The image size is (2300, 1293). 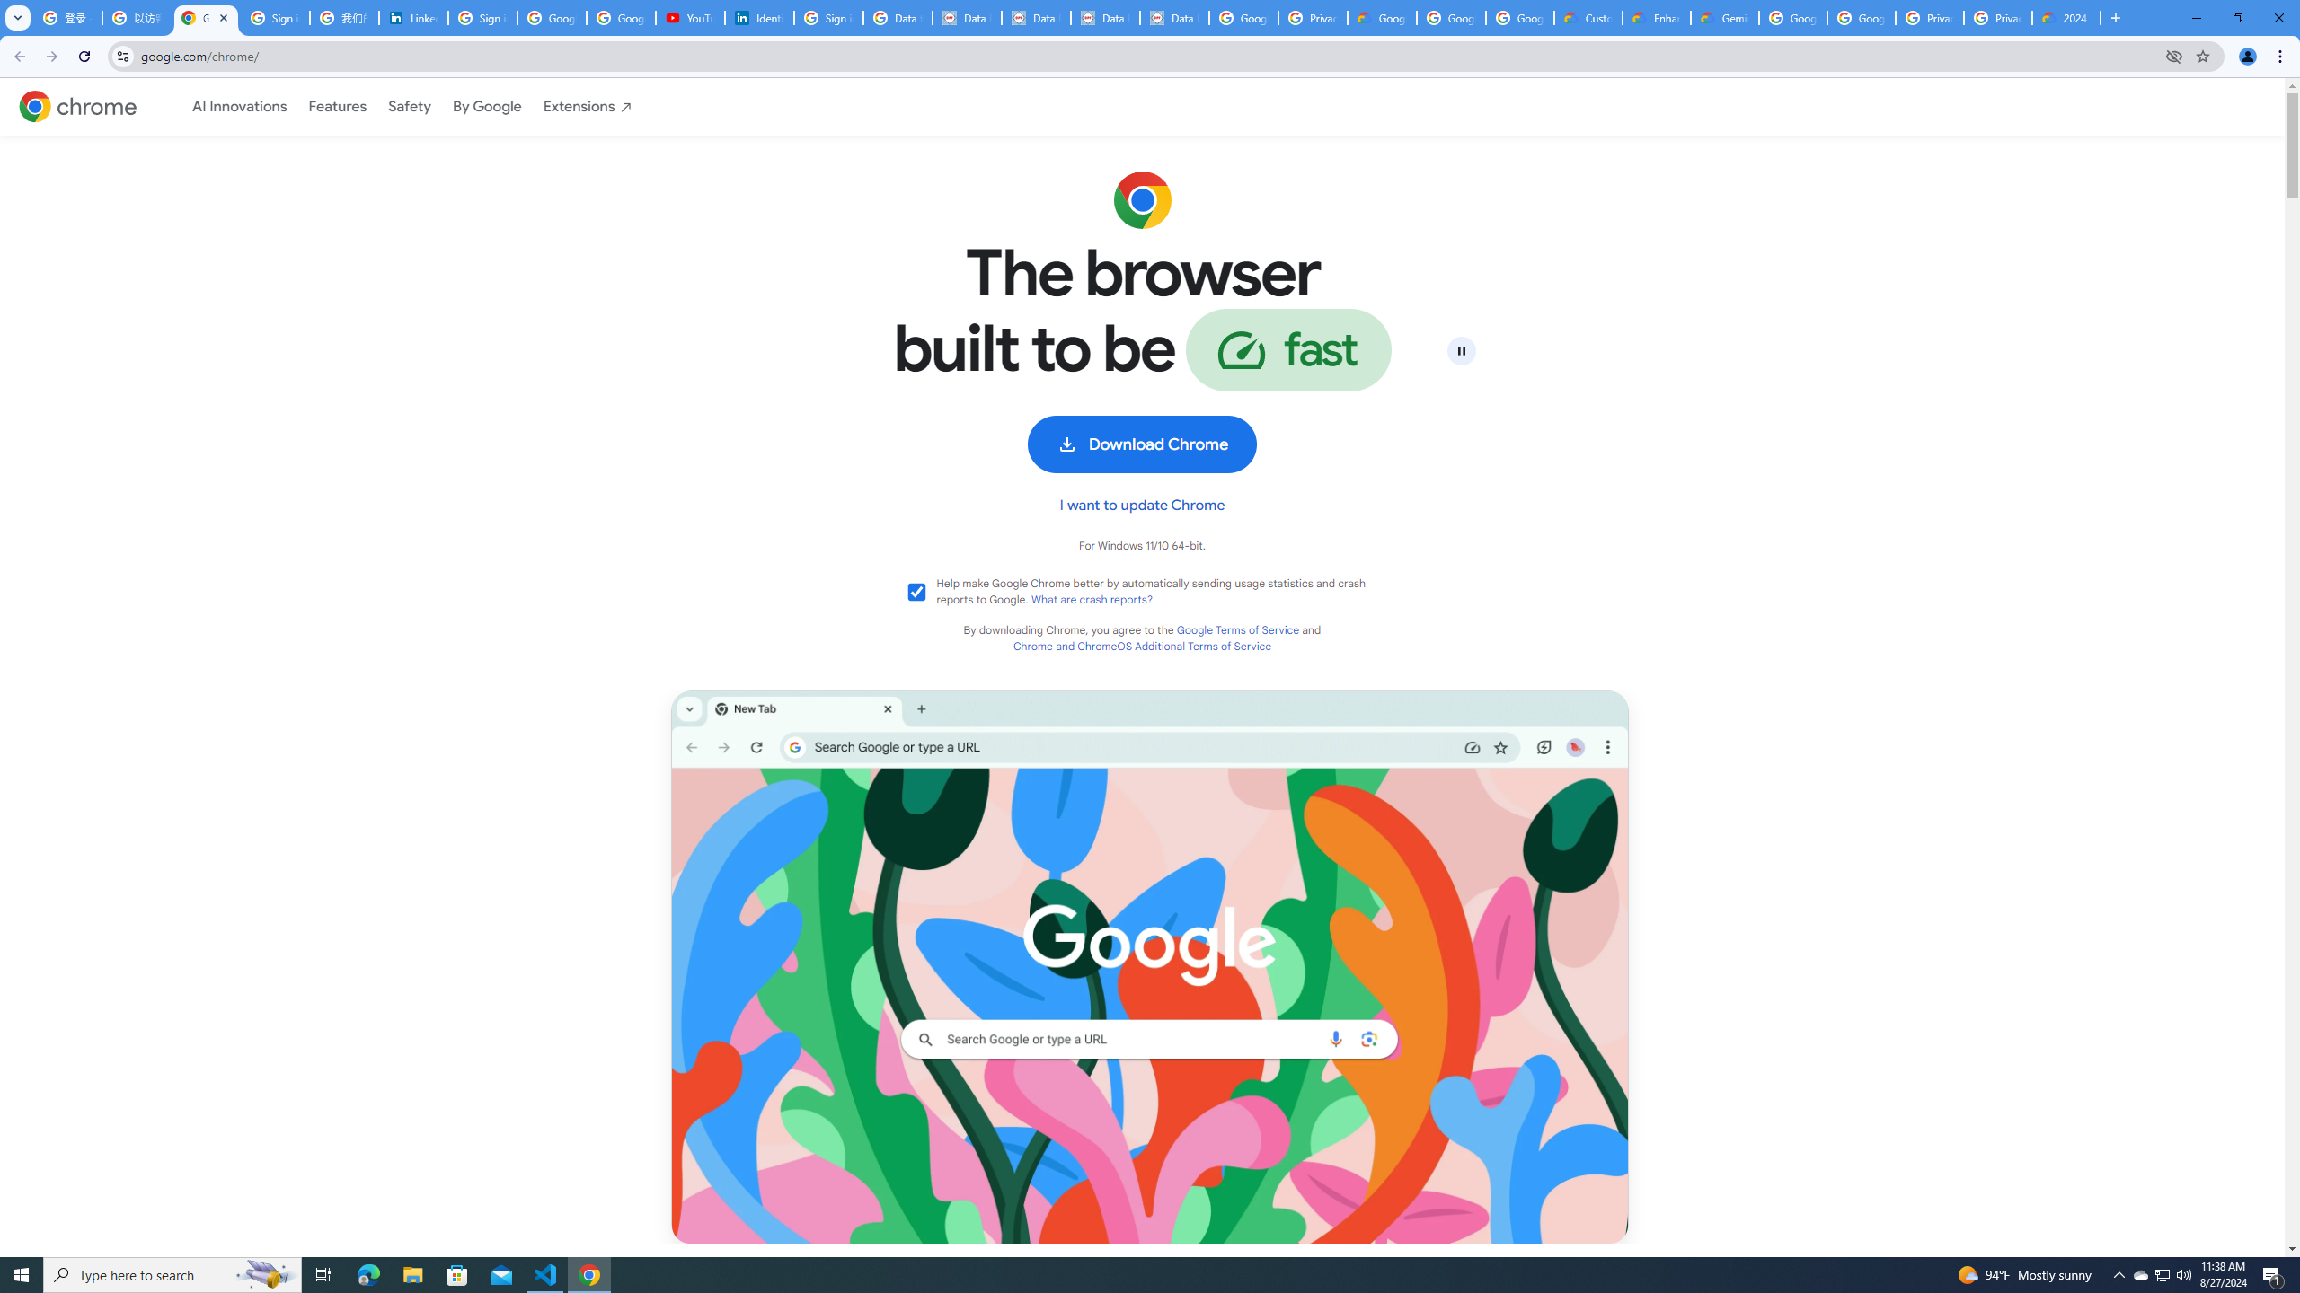 What do you see at coordinates (337, 106) in the screenshot?
I see `'features'` at bounding box center [337, 106].